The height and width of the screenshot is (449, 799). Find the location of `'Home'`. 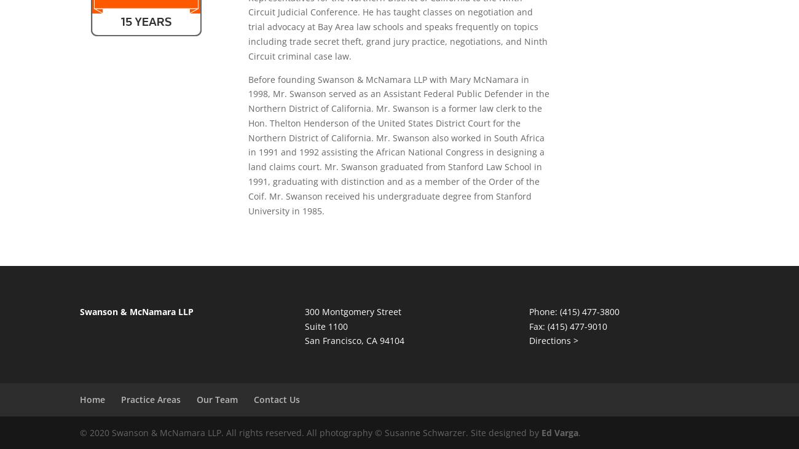

'Home' is located at coordinates (92, 399).